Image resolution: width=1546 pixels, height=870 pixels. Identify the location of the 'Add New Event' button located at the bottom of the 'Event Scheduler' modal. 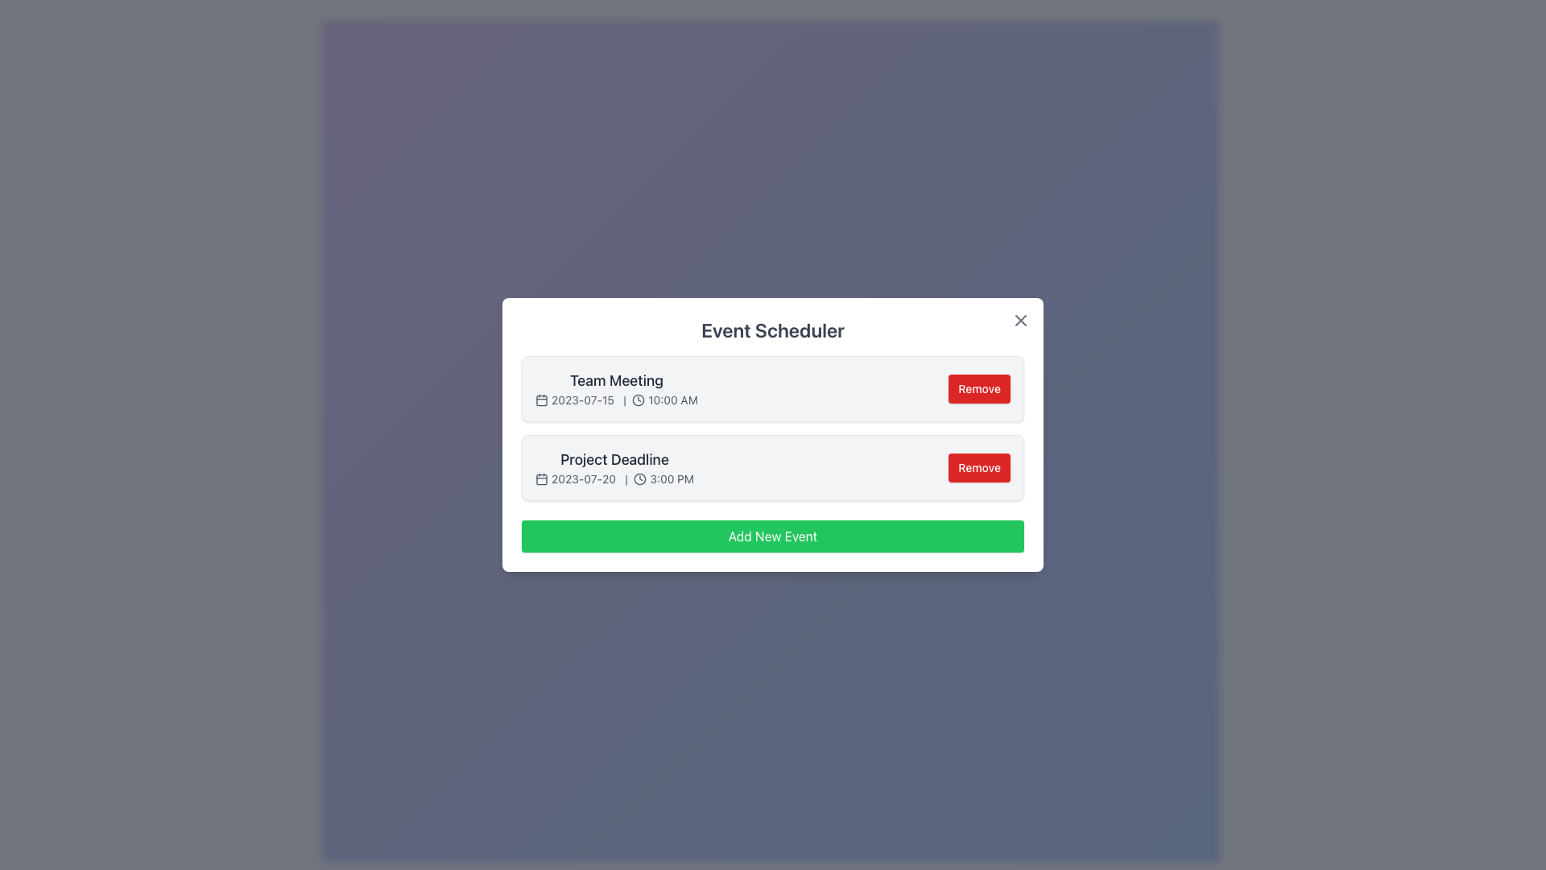
(773, 536).